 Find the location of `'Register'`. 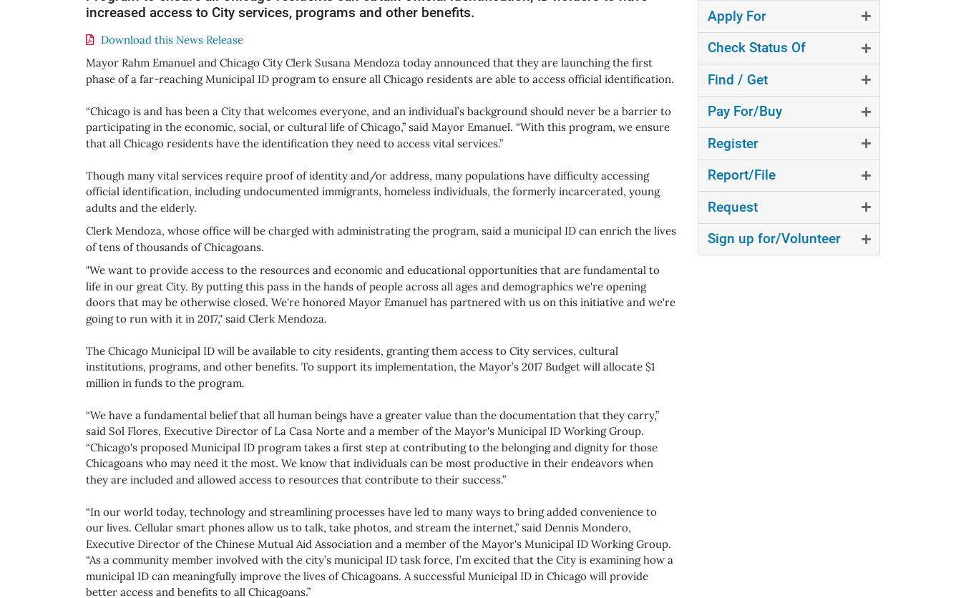

'Register' is located at coordinates (706, 142).